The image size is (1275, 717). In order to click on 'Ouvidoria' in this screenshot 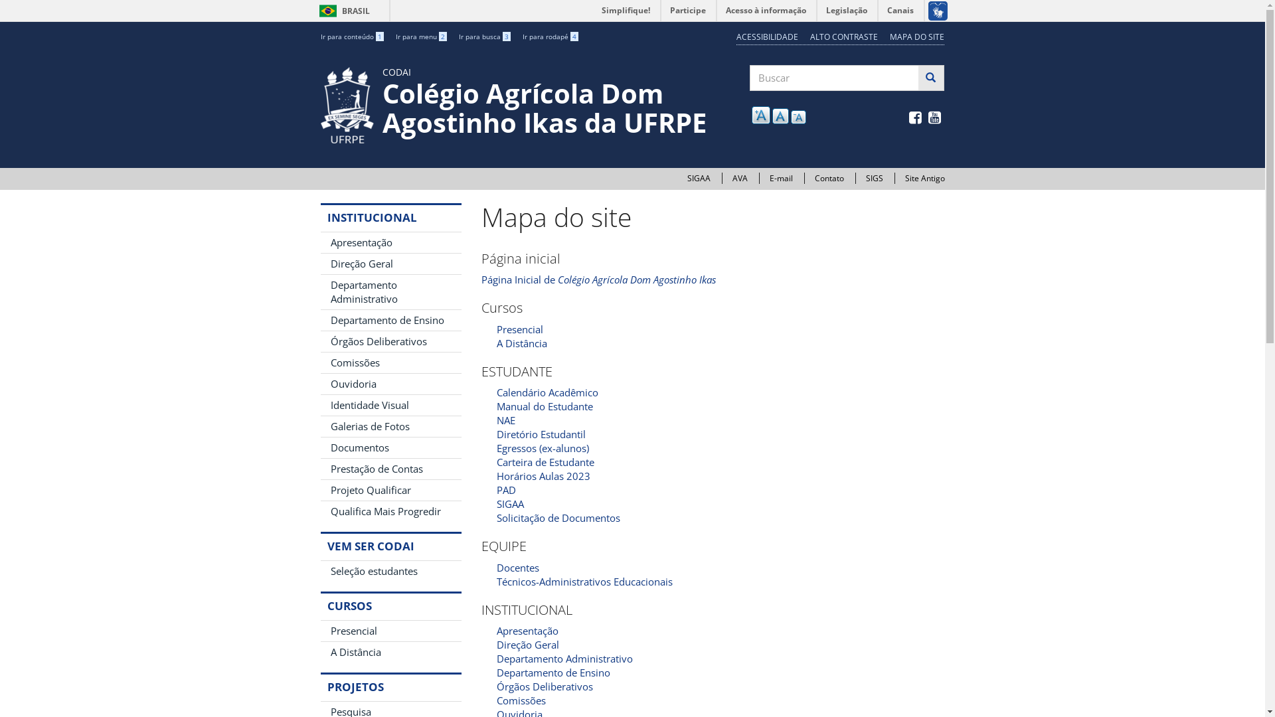, I will do `click(390, 384)`.